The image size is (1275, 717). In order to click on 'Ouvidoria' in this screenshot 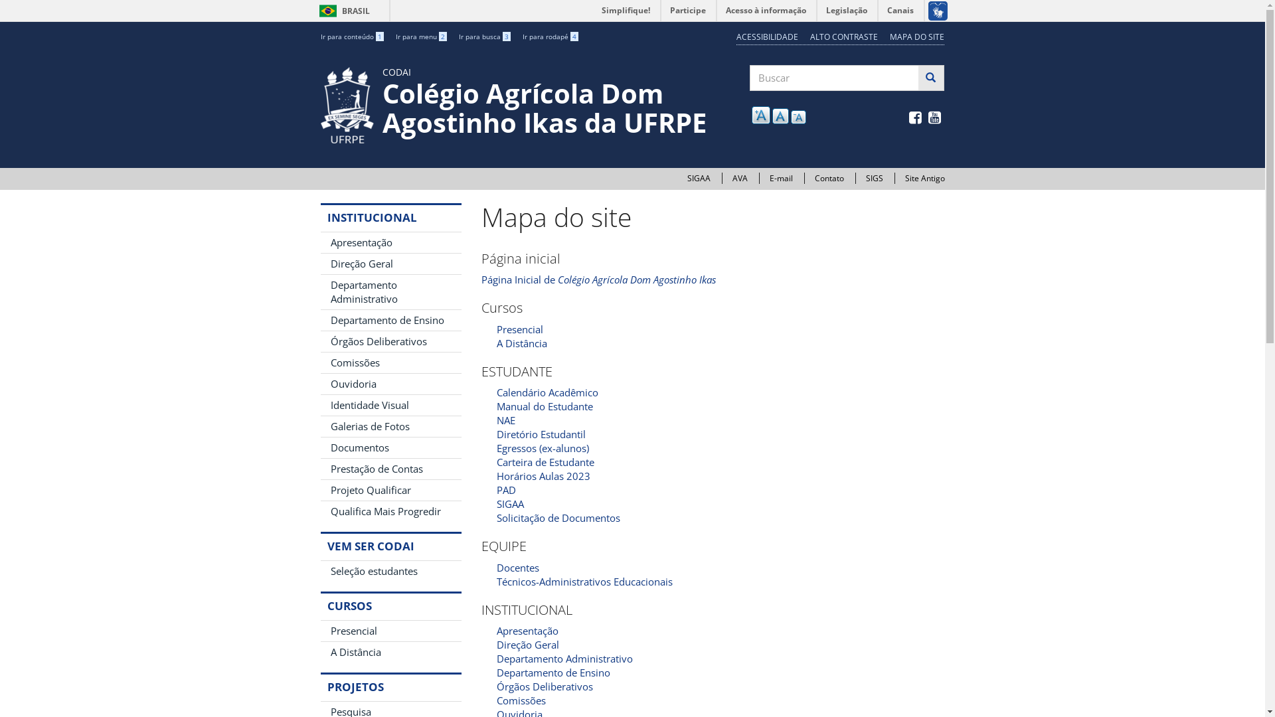, I will do `click(390, 384)`.